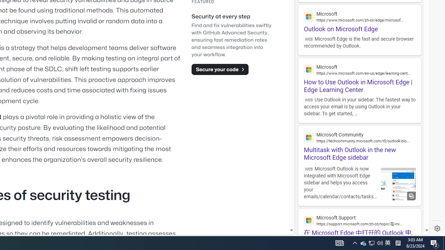  I want to click on 'Secure your code', so click(219, 69).